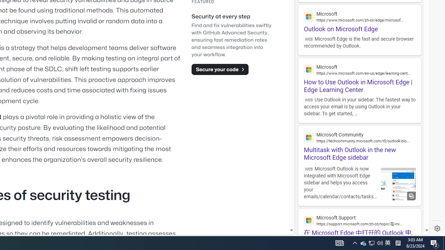  I want to click on 'Secure your code', so click(219, 69).